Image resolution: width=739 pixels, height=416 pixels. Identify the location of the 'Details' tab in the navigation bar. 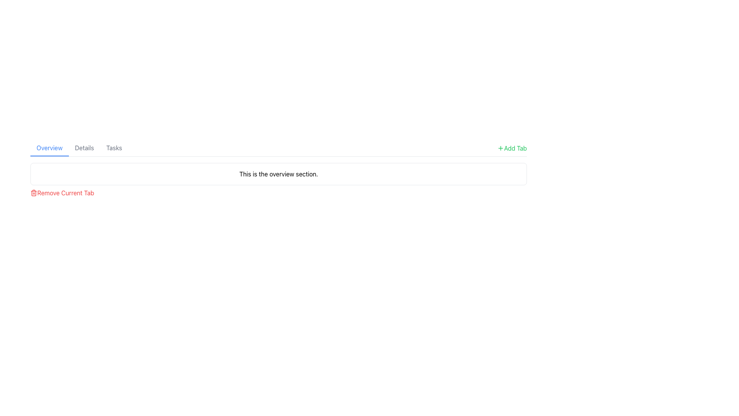
(84, 148).